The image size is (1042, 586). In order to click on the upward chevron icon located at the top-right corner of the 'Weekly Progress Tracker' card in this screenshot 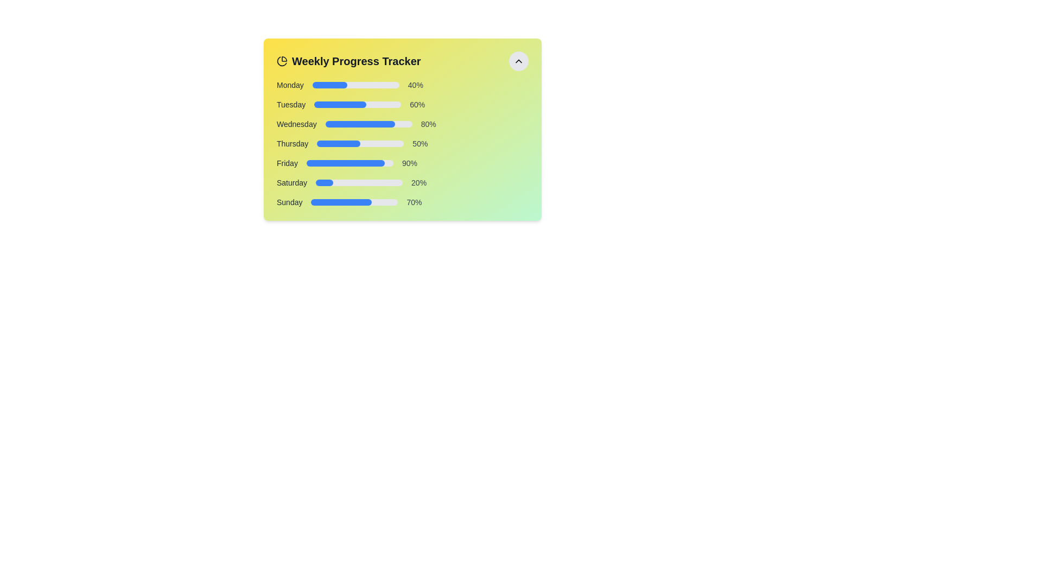, I will do `click(518, 61)`.